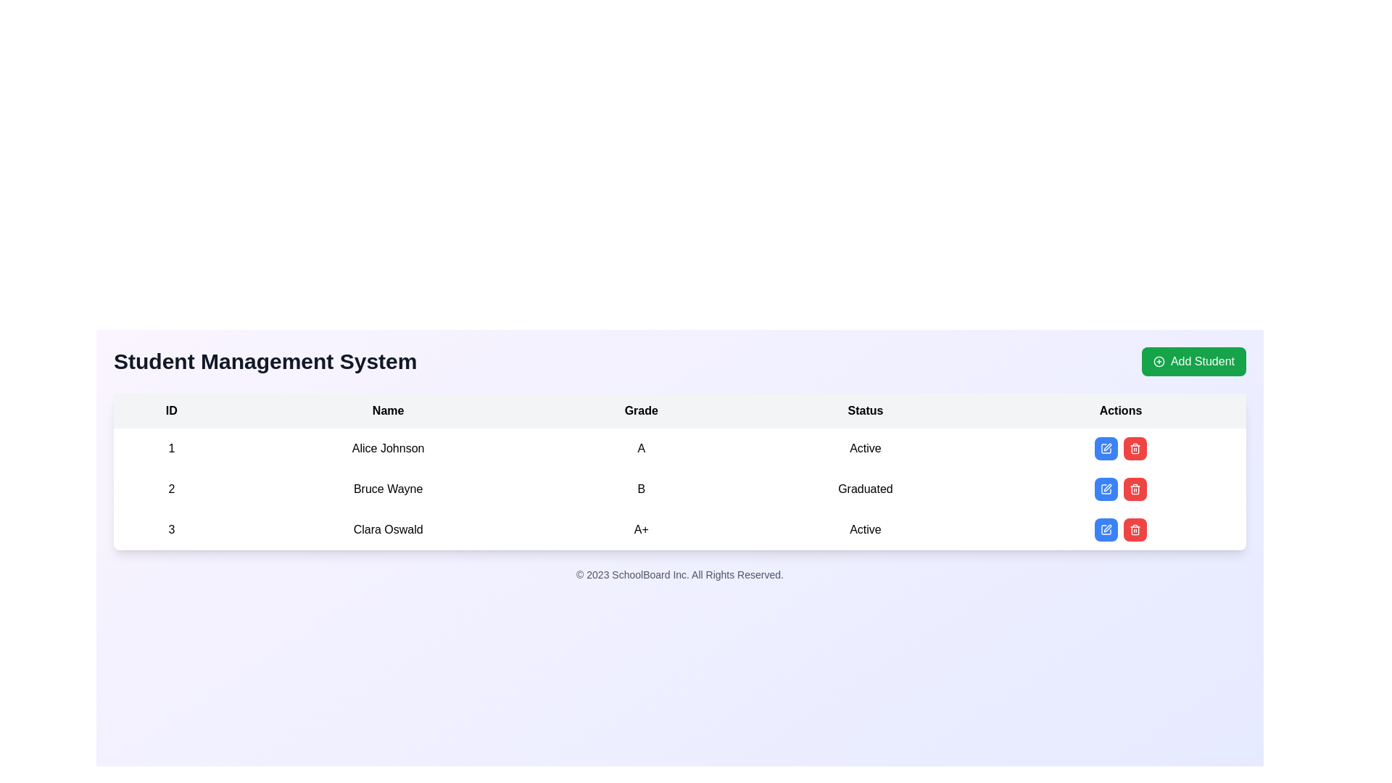  What do you see at coordinates (1106, 489) in the screenshot?
I see `the edit icon (square with pen overlay) in the 'Actions' column corresponding to 'Bruce Wayne'` at bounding box center [1106, 489].